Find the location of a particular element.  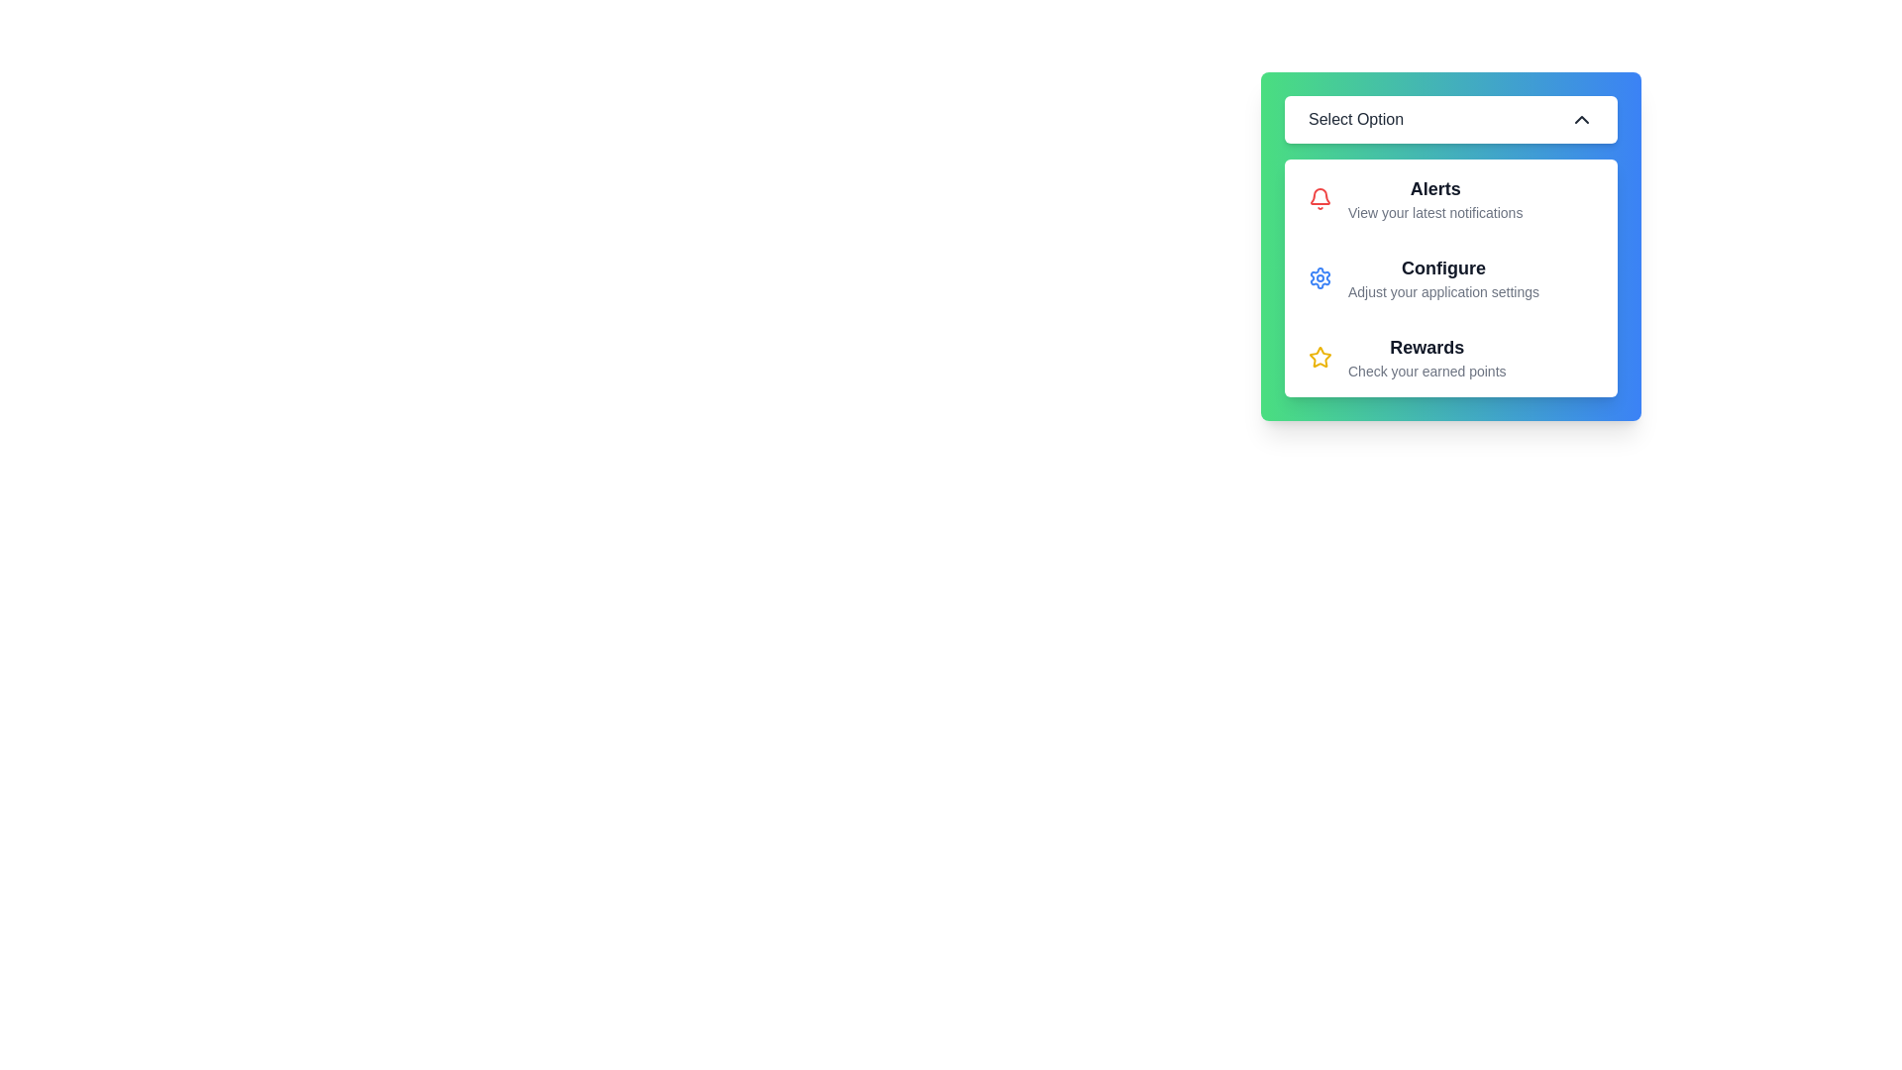

the 'Configure' option in the dropdown menu, which is the second item in the list, featuring a gear icon and the description 'Adjust your application settings.' is located at coordinates (1443, 278).